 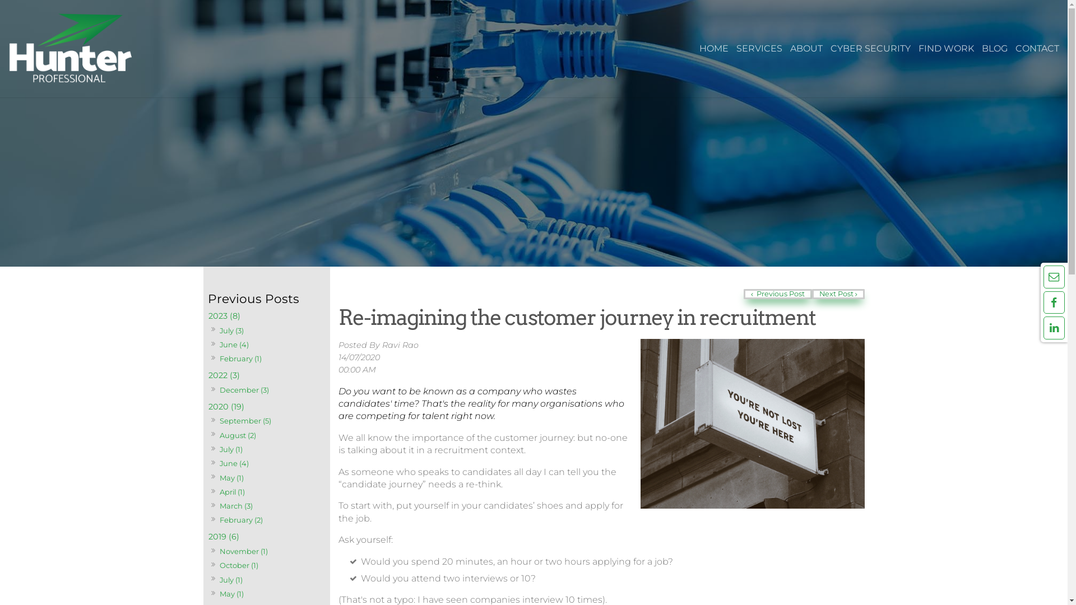 What do you see at coordinates (236, 434) in the screenshot?
I see `'August (2)'` at bounding box center [236, 434].